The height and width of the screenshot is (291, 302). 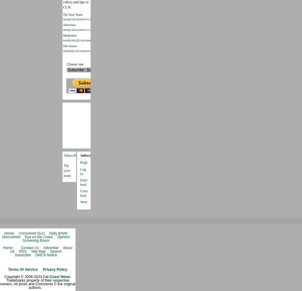 I want to click on 'RSS', so click(x=22, y=251).